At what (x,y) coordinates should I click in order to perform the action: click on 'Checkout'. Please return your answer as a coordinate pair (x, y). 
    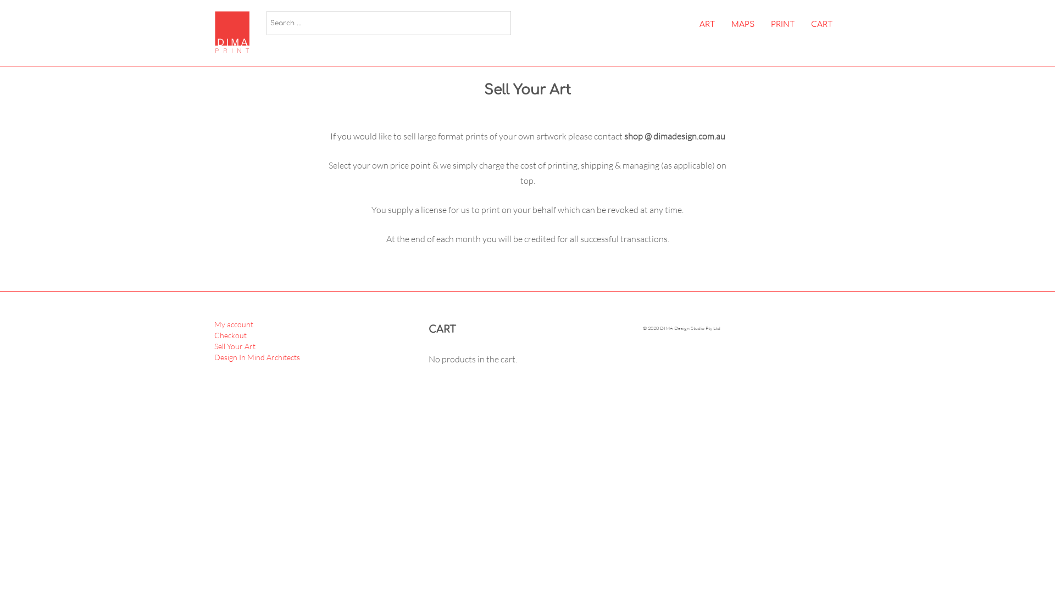
    Looking at the image, I should click on (230, 334).